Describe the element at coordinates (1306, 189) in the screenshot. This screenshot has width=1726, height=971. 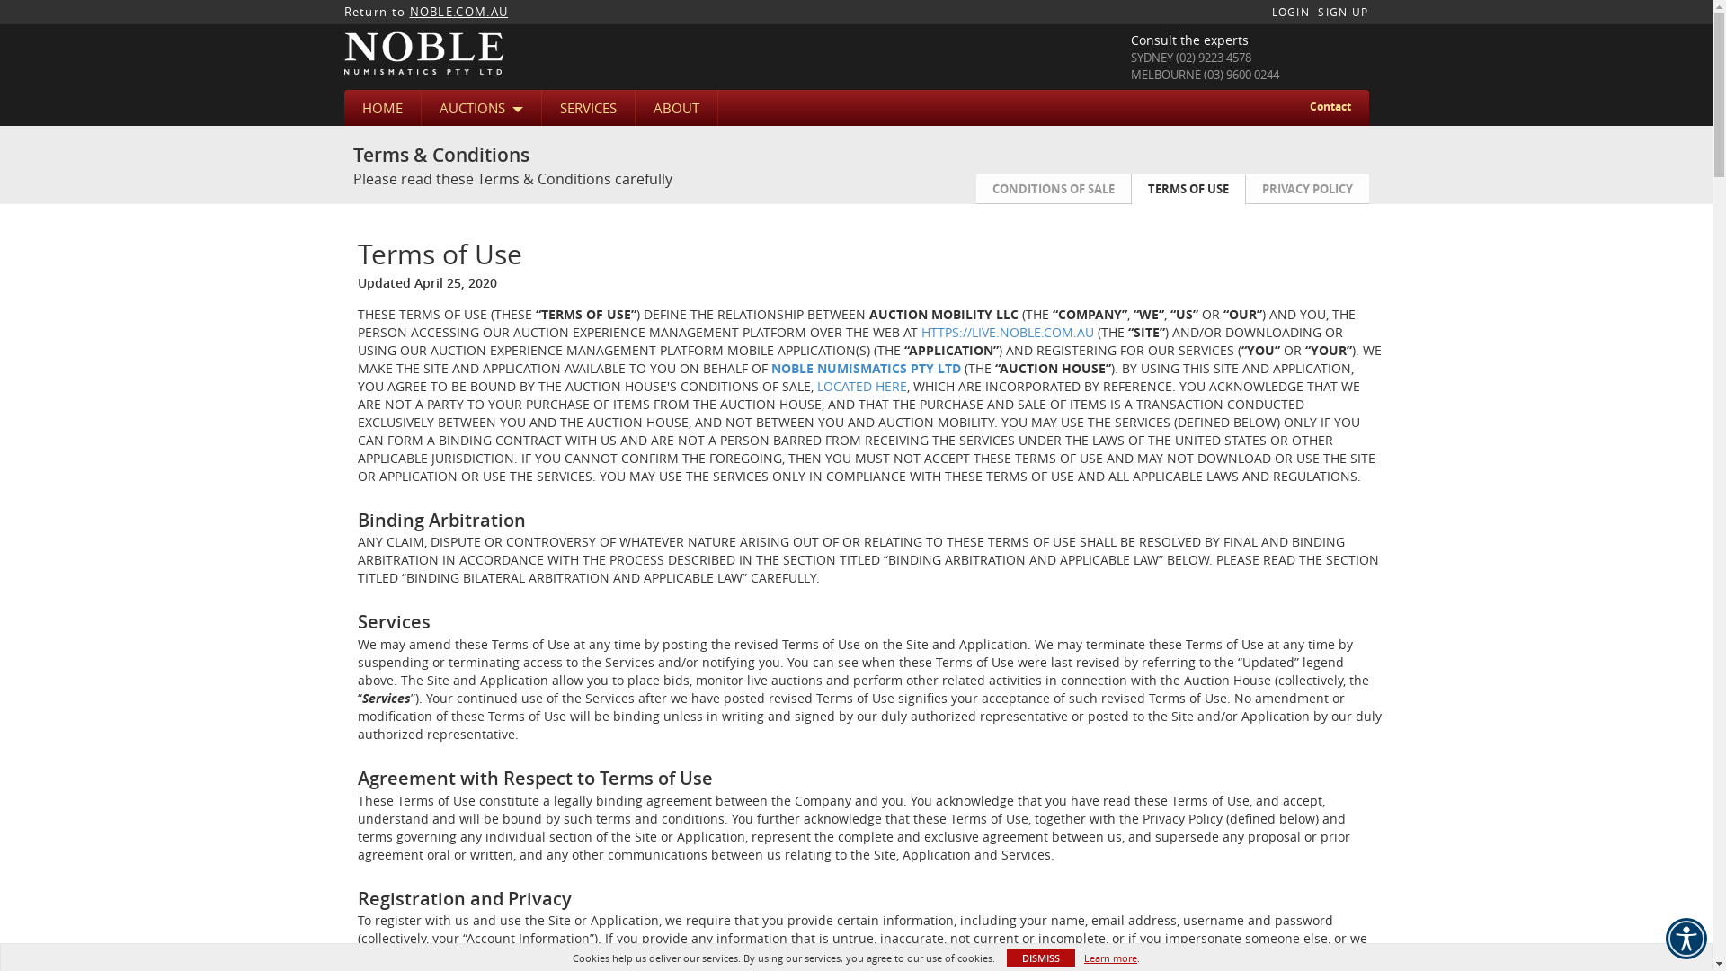
I see `'PRIVACY POLICY'` at that location.